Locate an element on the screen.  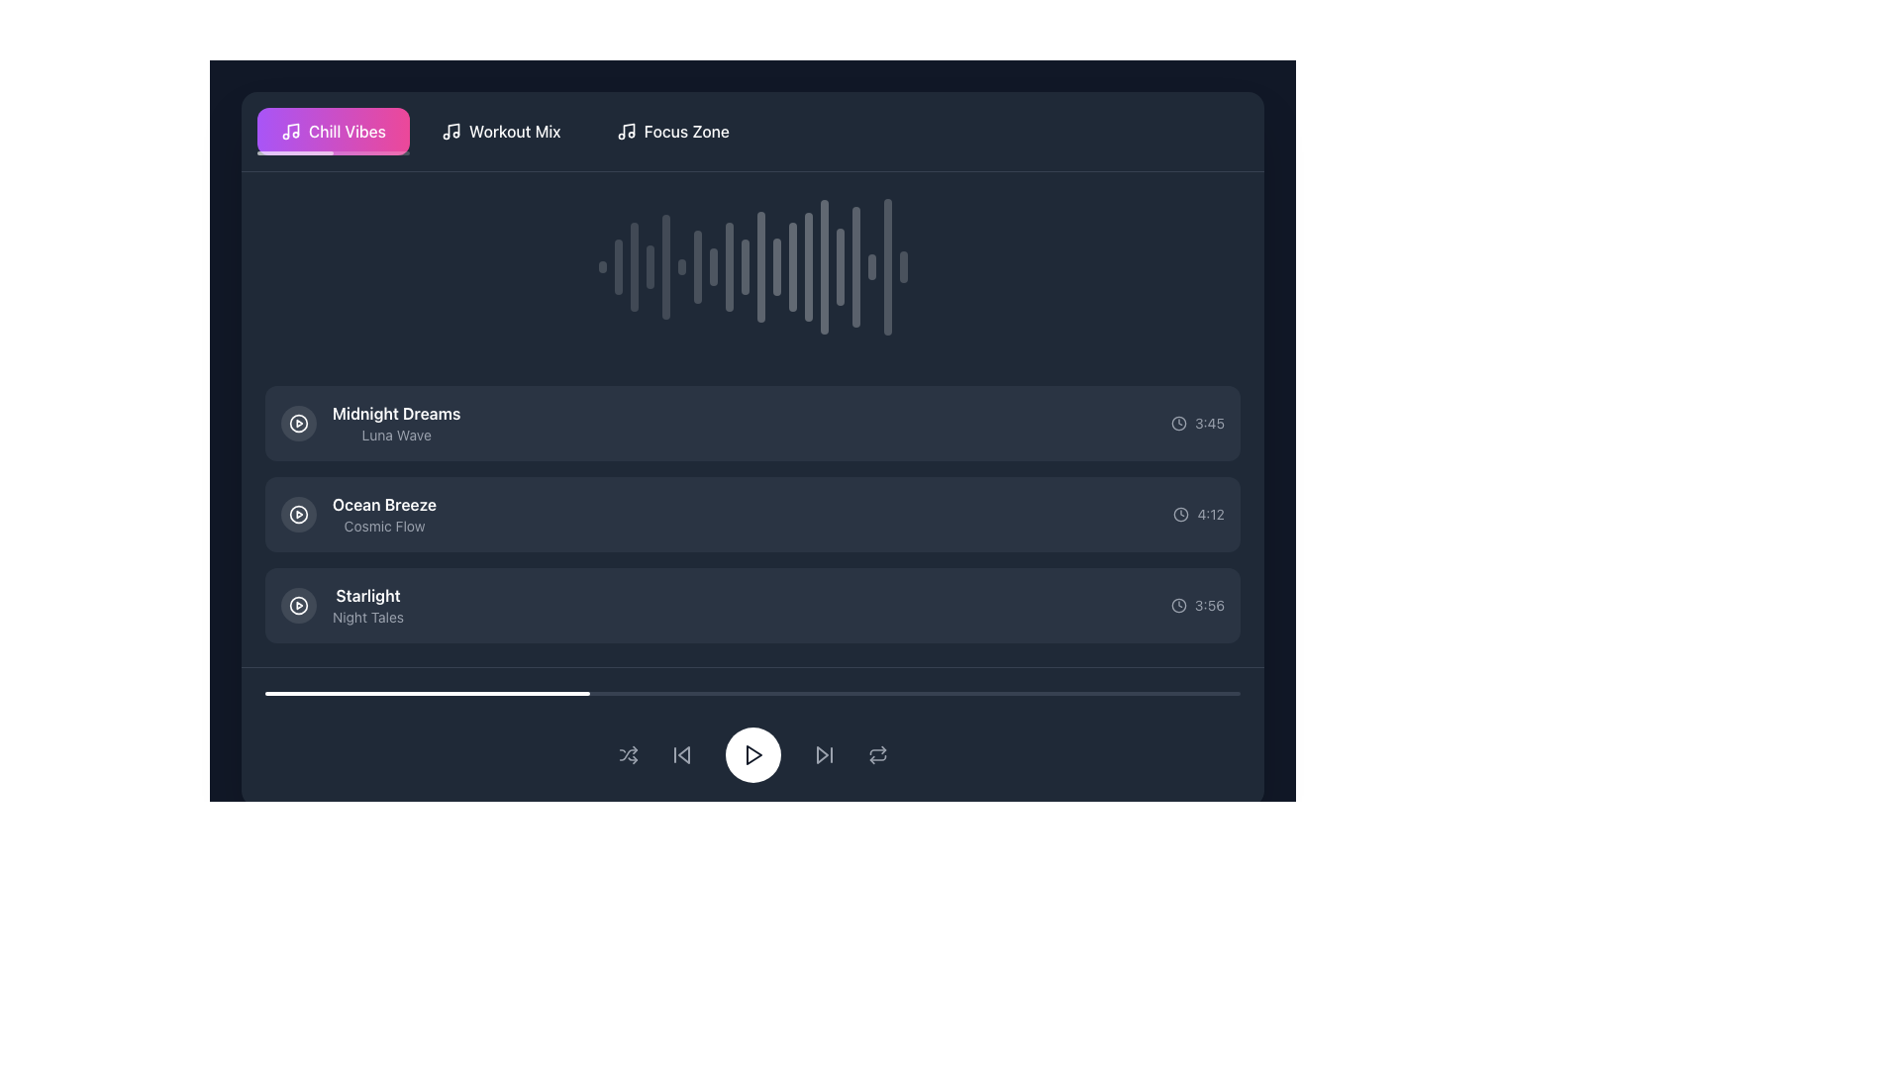
the fifth vertical bar in the waveform visualization, which represents audio amplitude at a specific time is located at coordinates (665, 267).